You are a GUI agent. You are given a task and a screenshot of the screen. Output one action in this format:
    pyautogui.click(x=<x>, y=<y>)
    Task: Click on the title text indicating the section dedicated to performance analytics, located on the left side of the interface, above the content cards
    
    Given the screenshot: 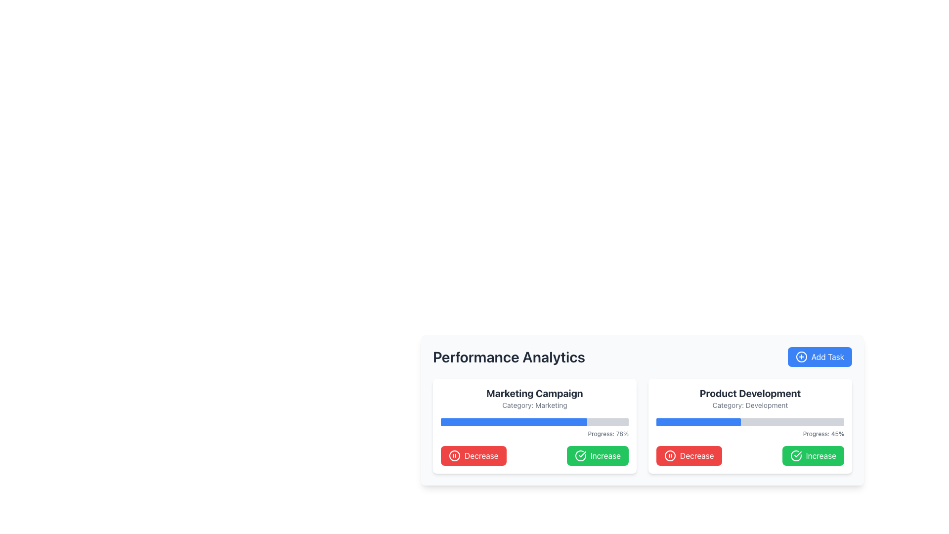 What is the action you would take?
    pyautogui.click(x=509, y=356)
    